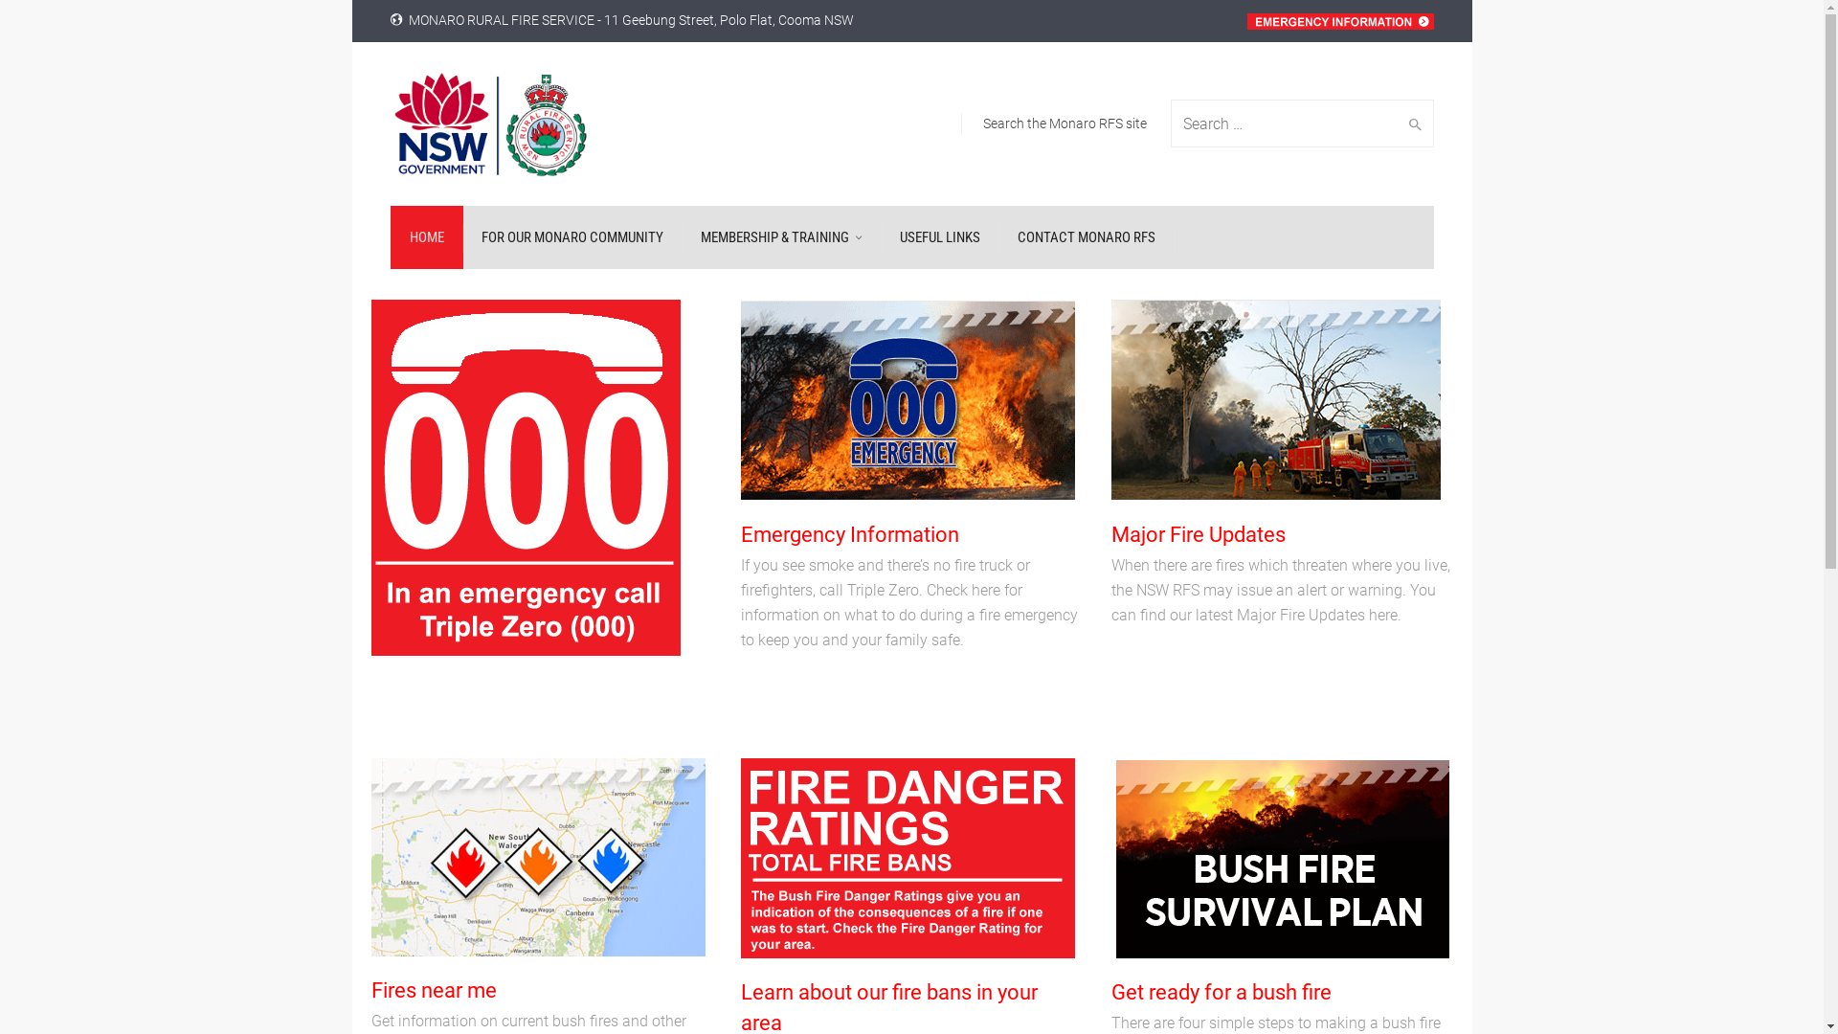 The height and width of the screenshot is (1034, 1838). What do you see at coordinates (907, 398) in the screenshot?
I see `'Emergency_contentbox'` at bounding box center [907, 398].